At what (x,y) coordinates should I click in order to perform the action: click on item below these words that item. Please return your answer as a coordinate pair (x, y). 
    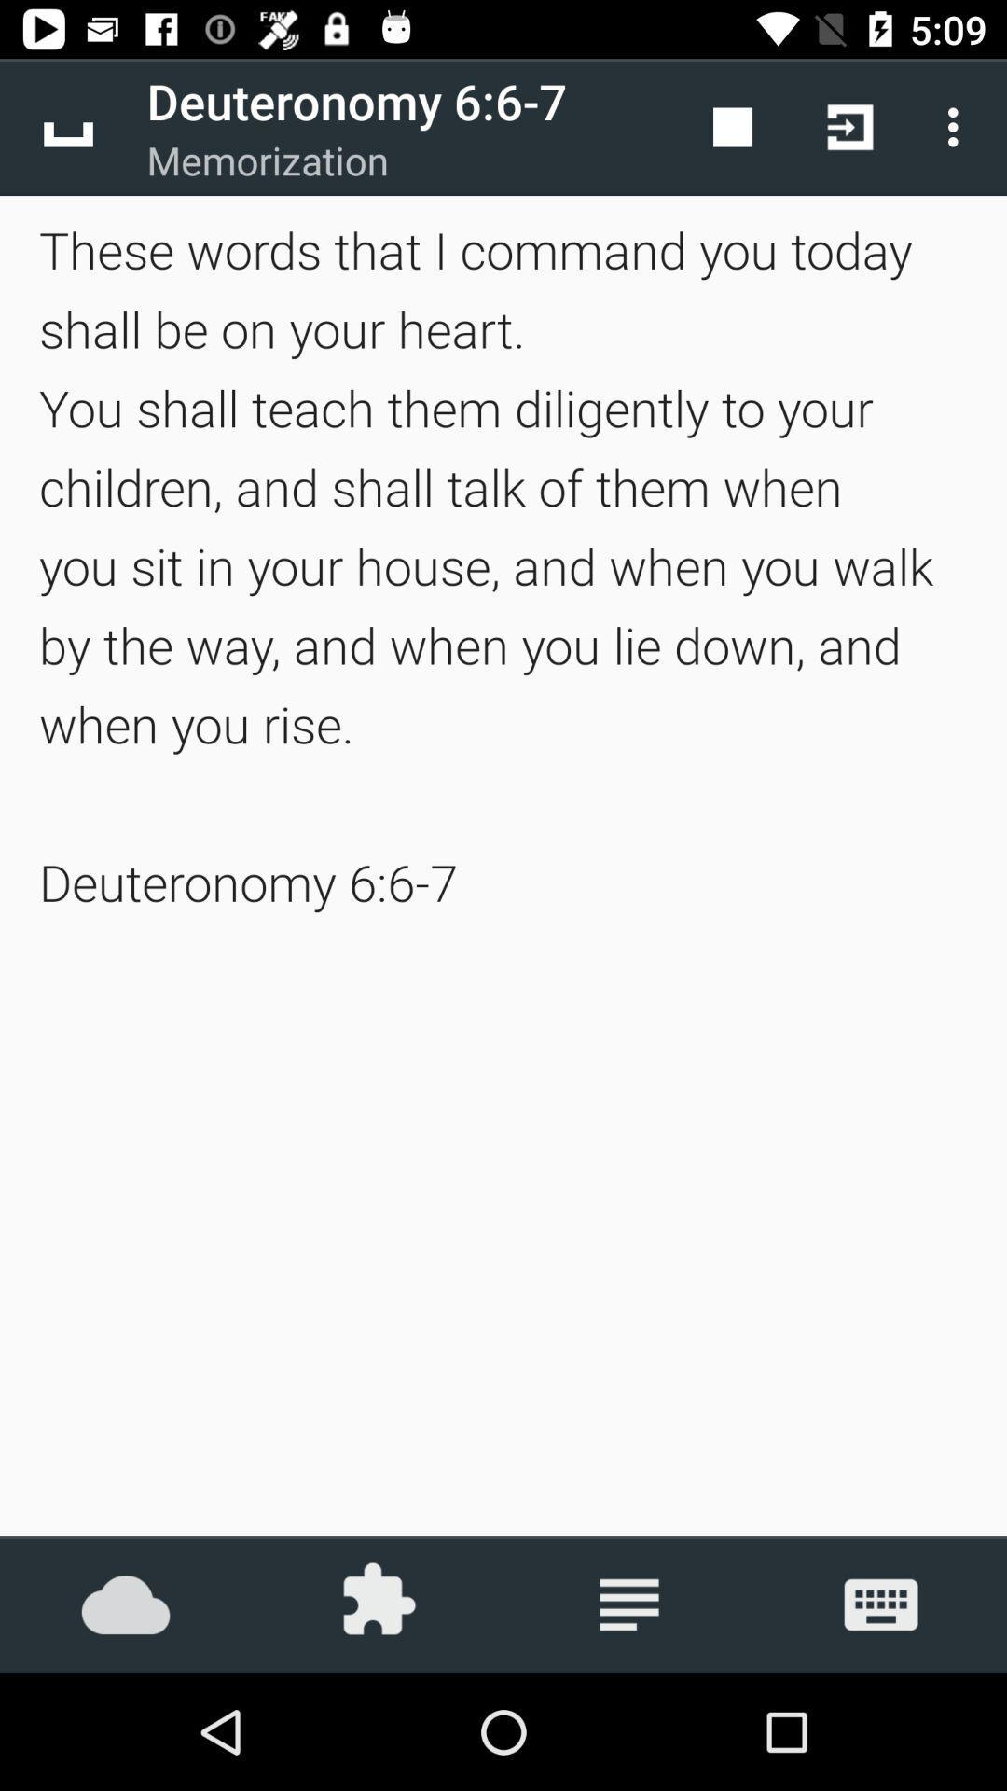
    Looking at the image, I should click on (629, 1604).